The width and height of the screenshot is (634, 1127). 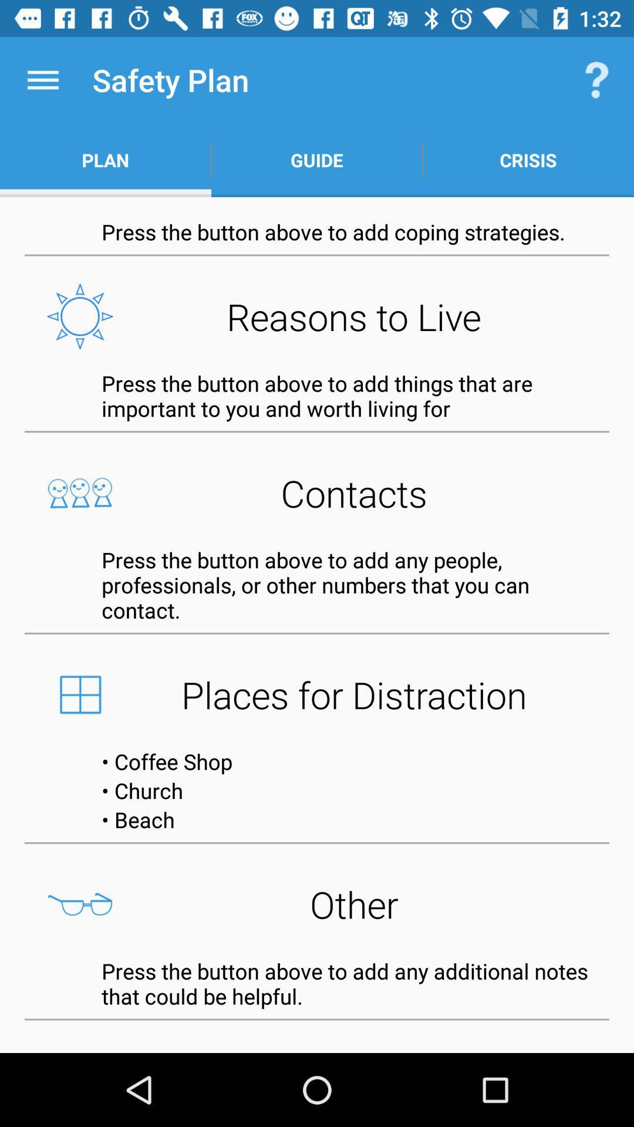 I want to click on the item to the left of the safety plan item, so click(x=42, y=79).